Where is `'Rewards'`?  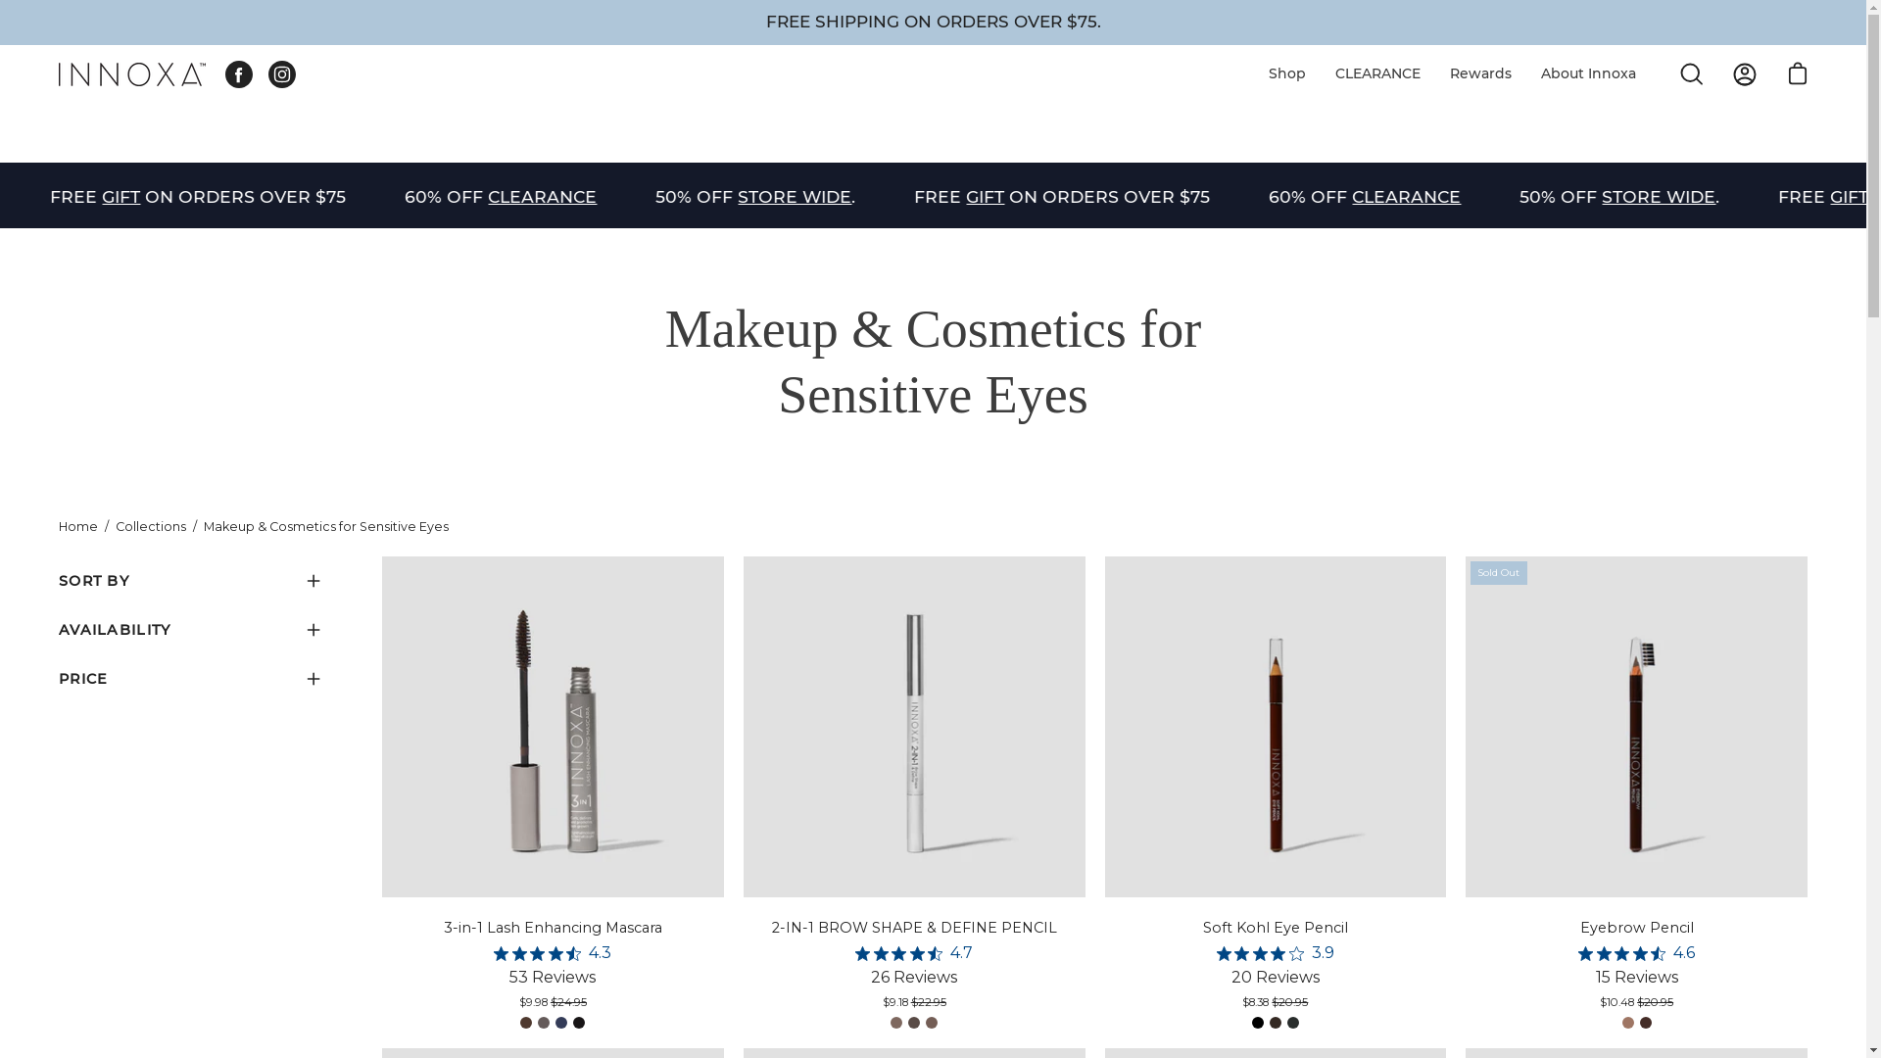
'Rewards' is located at coordinates (1480, 72).